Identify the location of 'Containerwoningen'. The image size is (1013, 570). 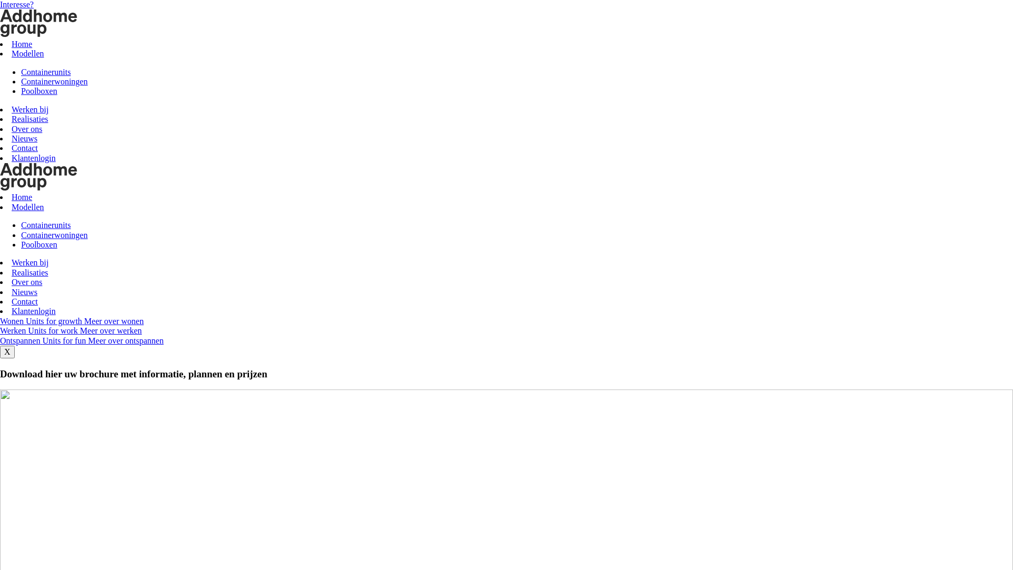
(53, 81).